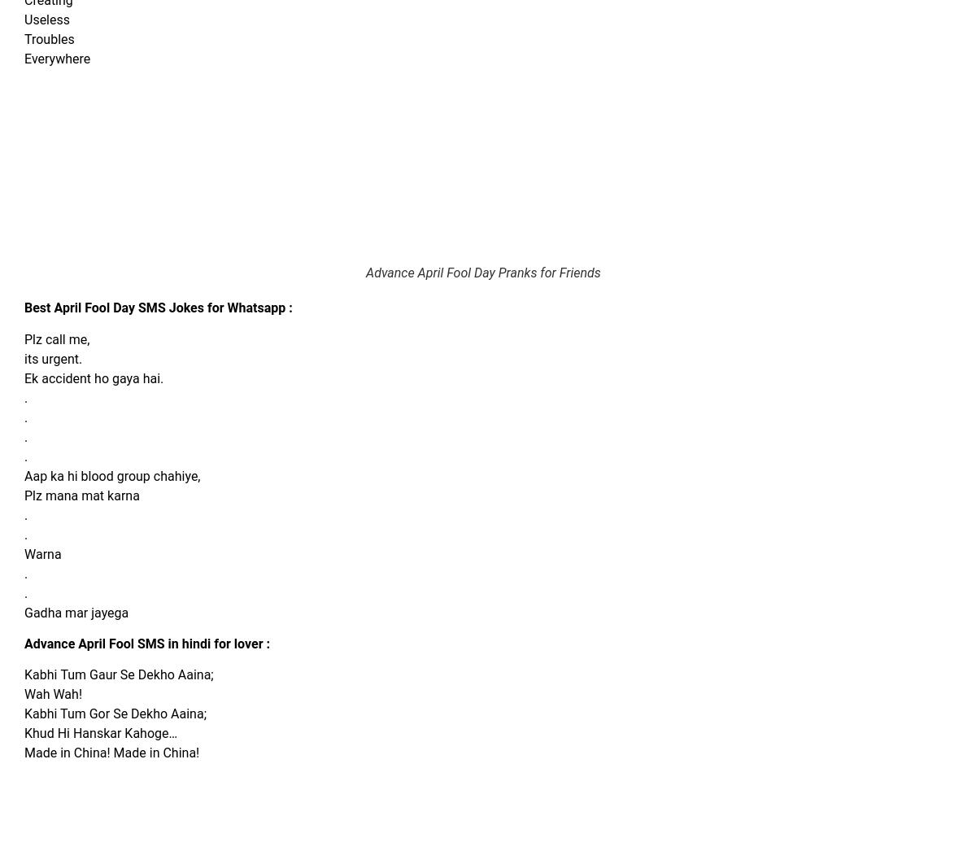 Image resolution: width=976 pixels, height=851 pixels. What do you see at coordinates (100, 733) in the screenshot?
I see `'Khud Hi Hanskar Kahoge…'` at bounding box center [100, 733].